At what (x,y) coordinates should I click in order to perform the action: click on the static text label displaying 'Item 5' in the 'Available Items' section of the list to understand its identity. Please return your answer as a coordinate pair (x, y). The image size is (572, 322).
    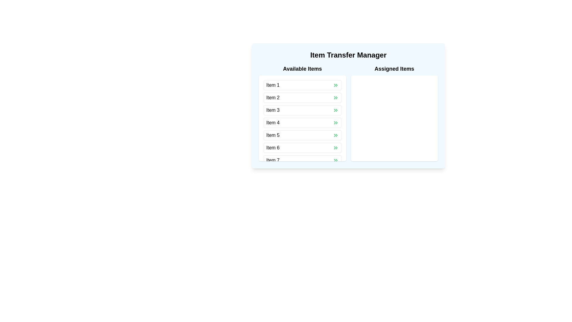
    Looking at the image, I should click on (273, 135).